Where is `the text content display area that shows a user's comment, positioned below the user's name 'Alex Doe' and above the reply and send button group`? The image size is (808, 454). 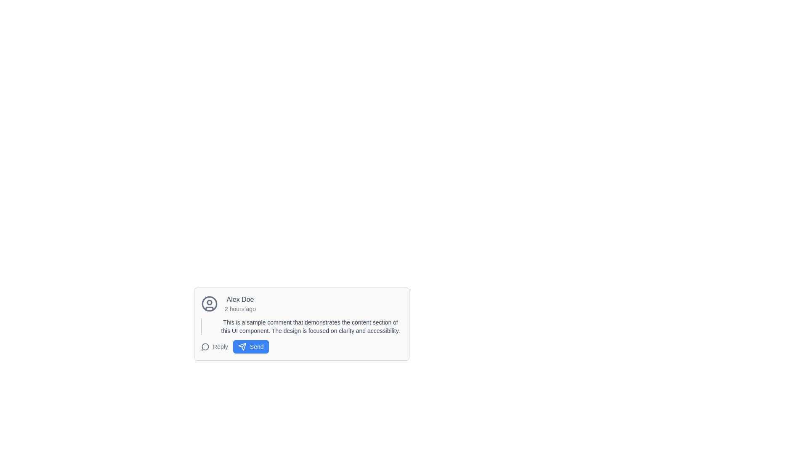
the text content display area that shows a user's comment, positioned below the user's name 'Alex Doe' and above the reply and send button group is located at coordinates (301, 326).